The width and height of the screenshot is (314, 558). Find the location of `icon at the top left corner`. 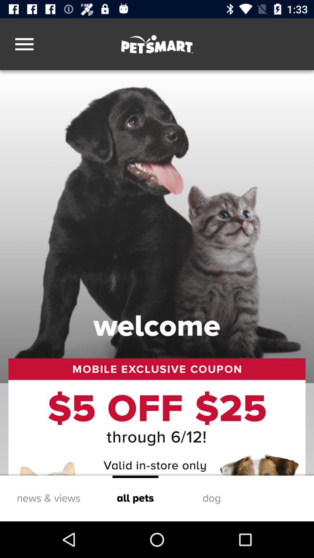

icon at the top left corner is located at coordinates (24, 44).